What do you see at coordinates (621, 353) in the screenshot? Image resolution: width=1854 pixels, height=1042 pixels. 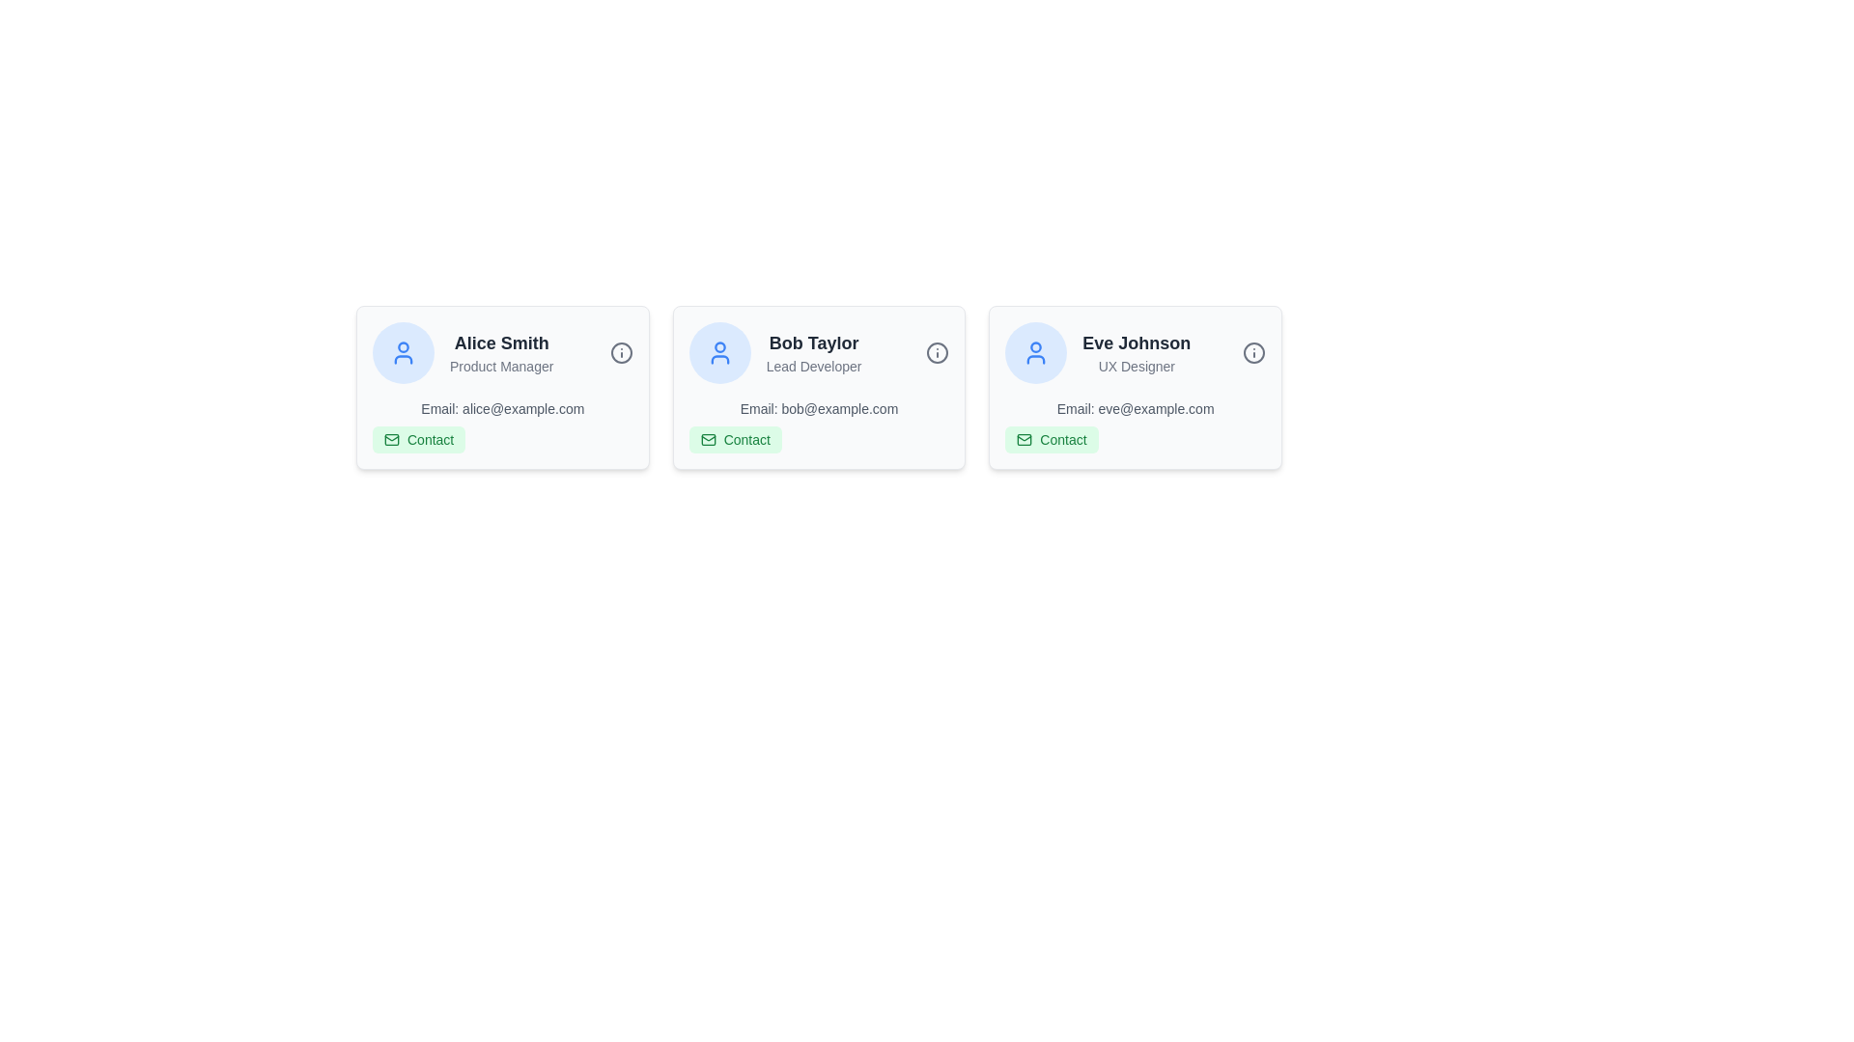 I see `the icon button located in the top-right portion of the card labeled 'Alice Smith - Product Manager'` at bounding box center [621, 353].